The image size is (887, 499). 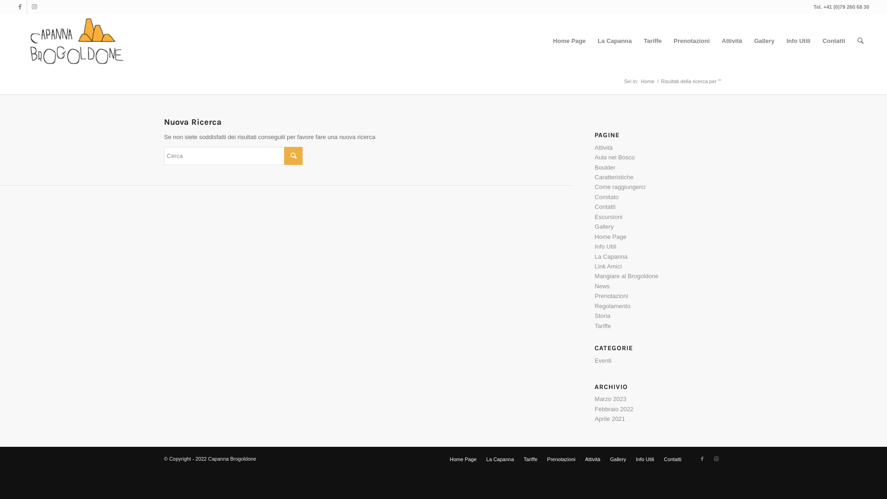 What do you see at coordinates (612, 306) in the screenshot?
I see `'Regolamento'` at bounding box center [612, 306].